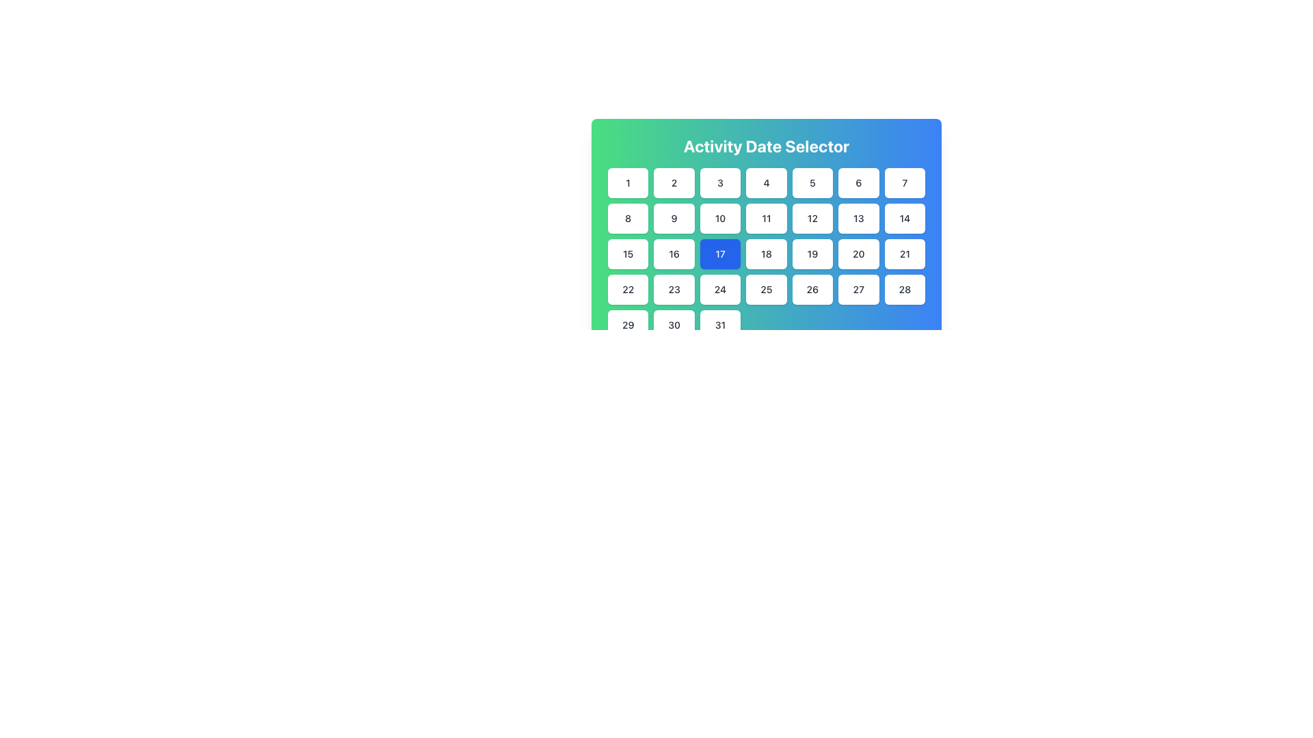  I want to click on the interactive button labeled '5' in the date selection interface to trigger its hover animation, so click(812, 182).